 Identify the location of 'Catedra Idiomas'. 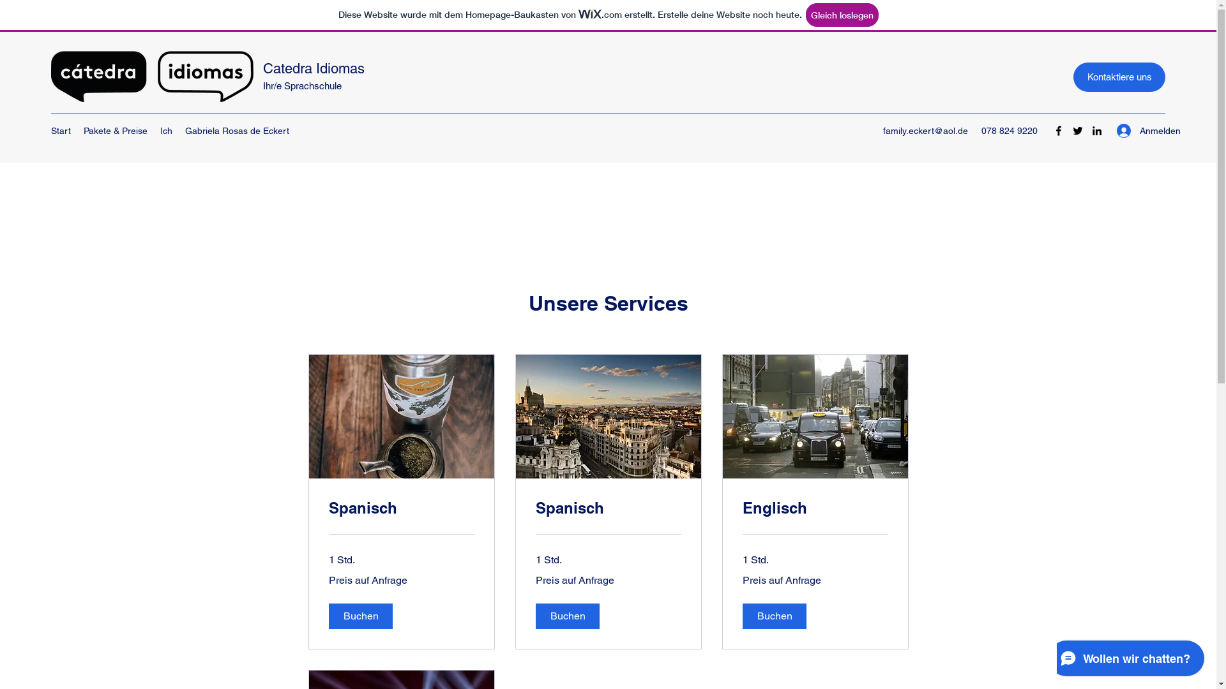
(262, 68).